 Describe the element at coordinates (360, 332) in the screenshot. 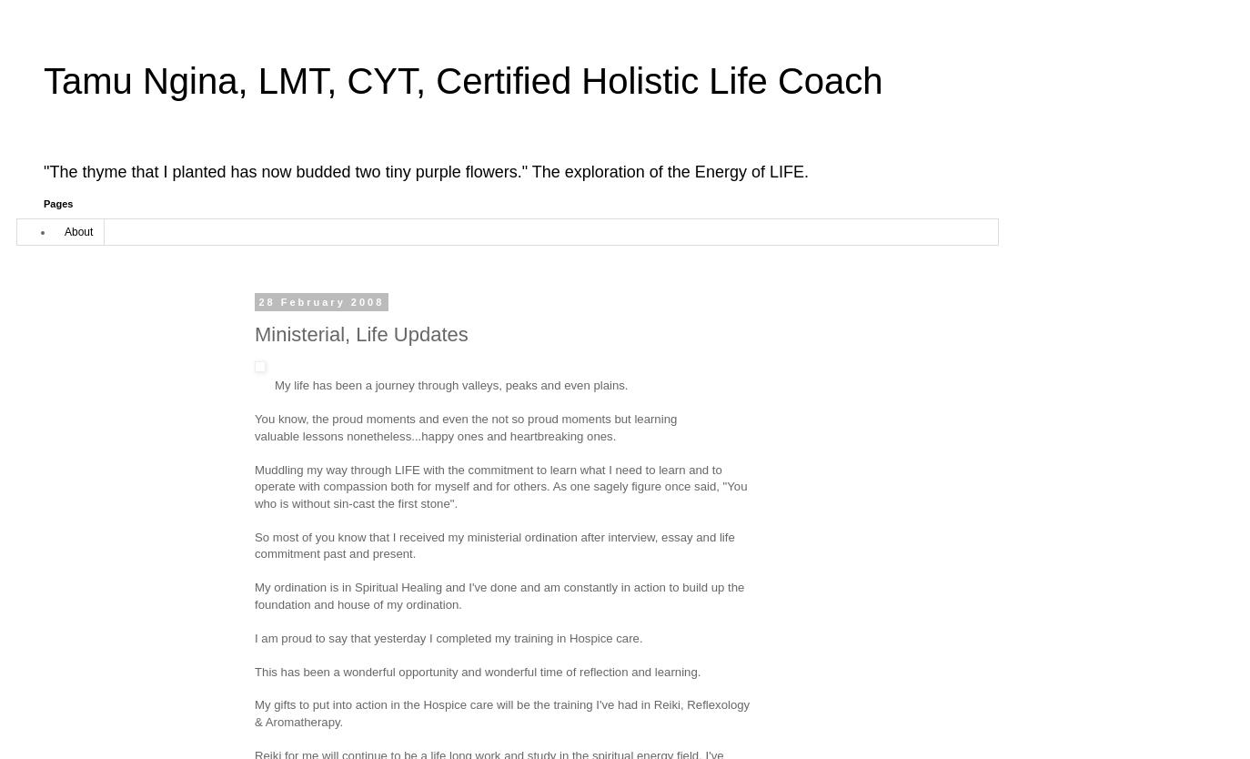

I see `'Ministerial, Life Updates'` at that location.